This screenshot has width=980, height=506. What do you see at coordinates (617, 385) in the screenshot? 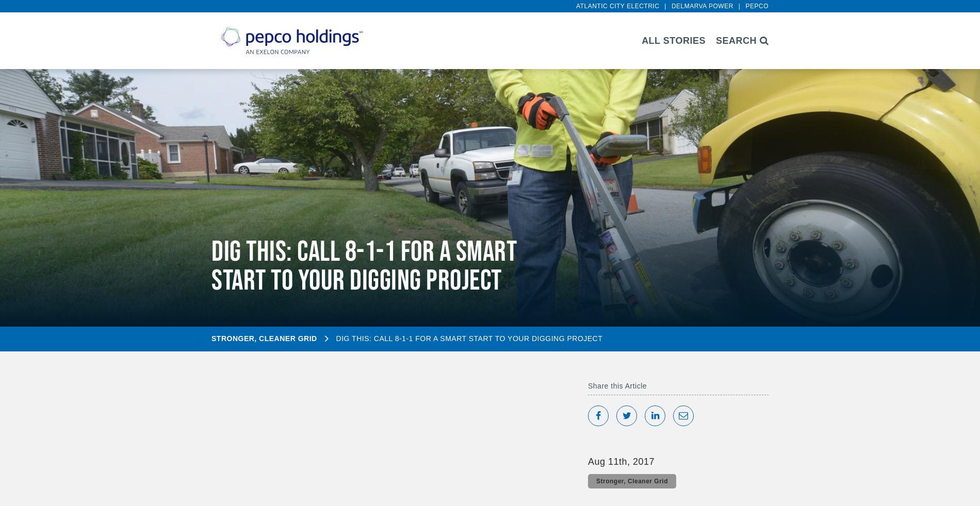
I see `'Share this Article'` at bounding box center [617, 385].